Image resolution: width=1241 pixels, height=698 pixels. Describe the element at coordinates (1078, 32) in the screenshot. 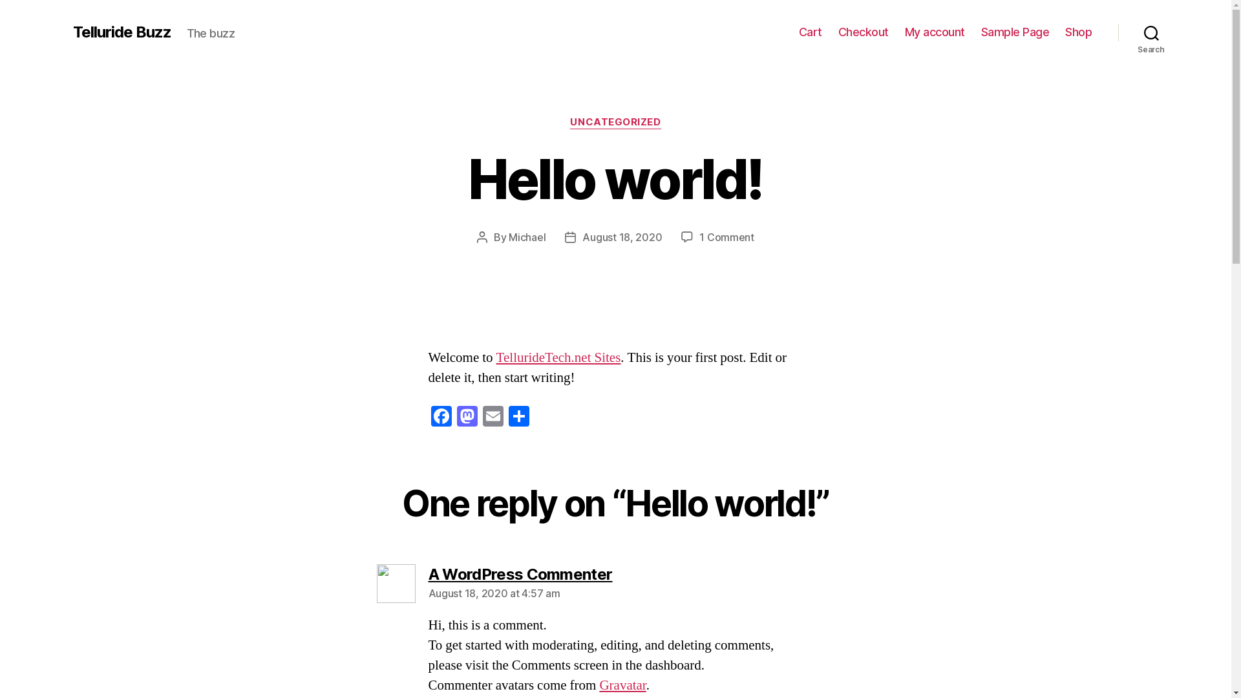

I see `'Shop'` at that location.